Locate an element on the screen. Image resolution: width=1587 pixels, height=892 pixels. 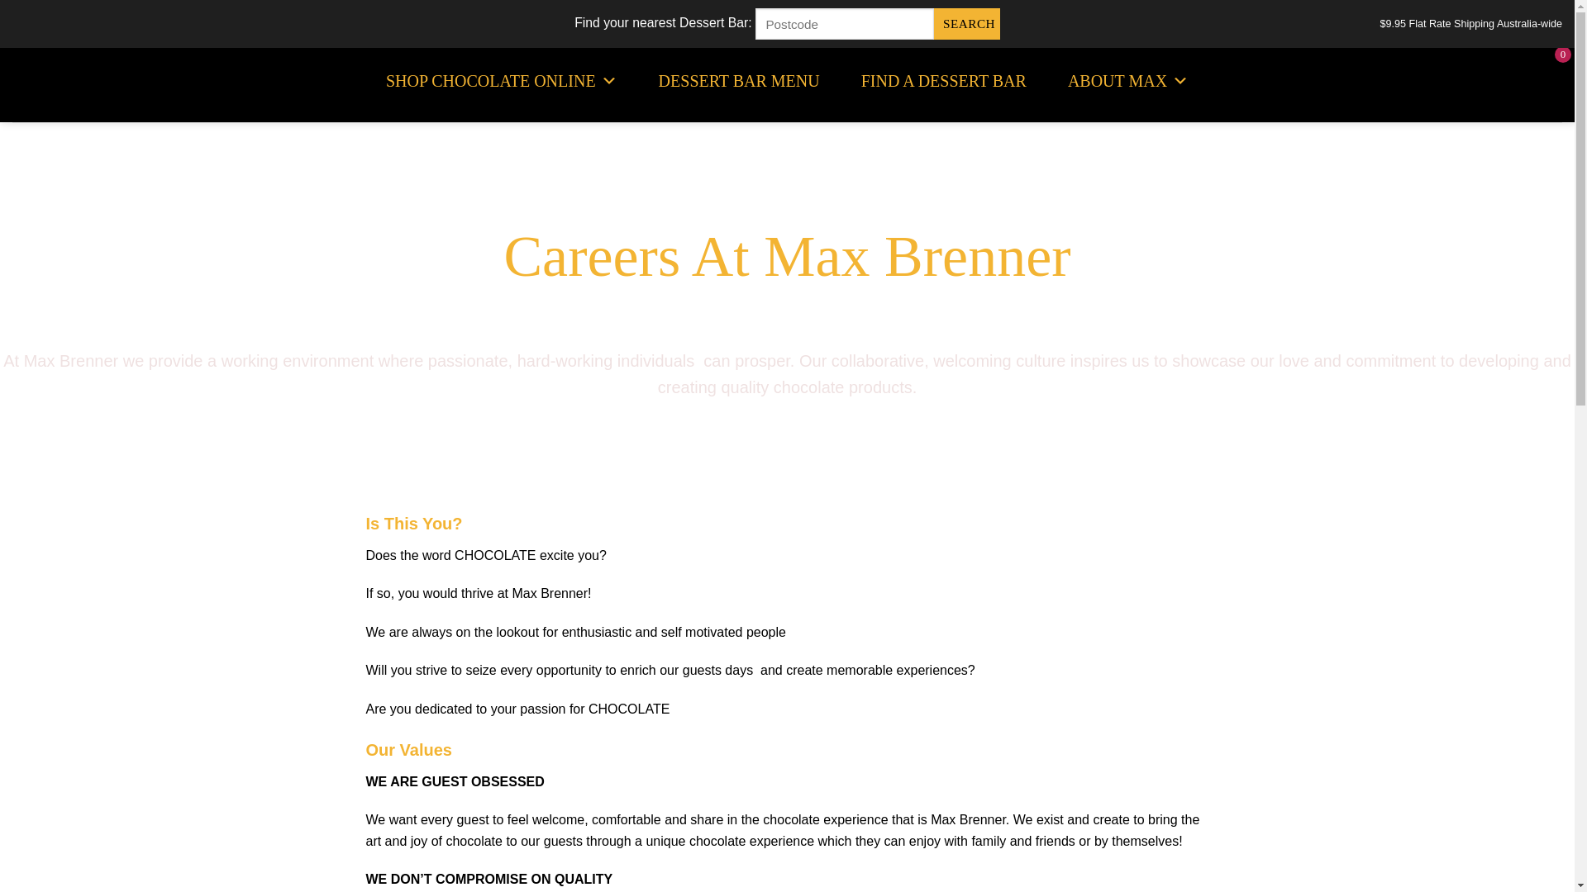
'SEARCH' is located at coordinates (967, 24).